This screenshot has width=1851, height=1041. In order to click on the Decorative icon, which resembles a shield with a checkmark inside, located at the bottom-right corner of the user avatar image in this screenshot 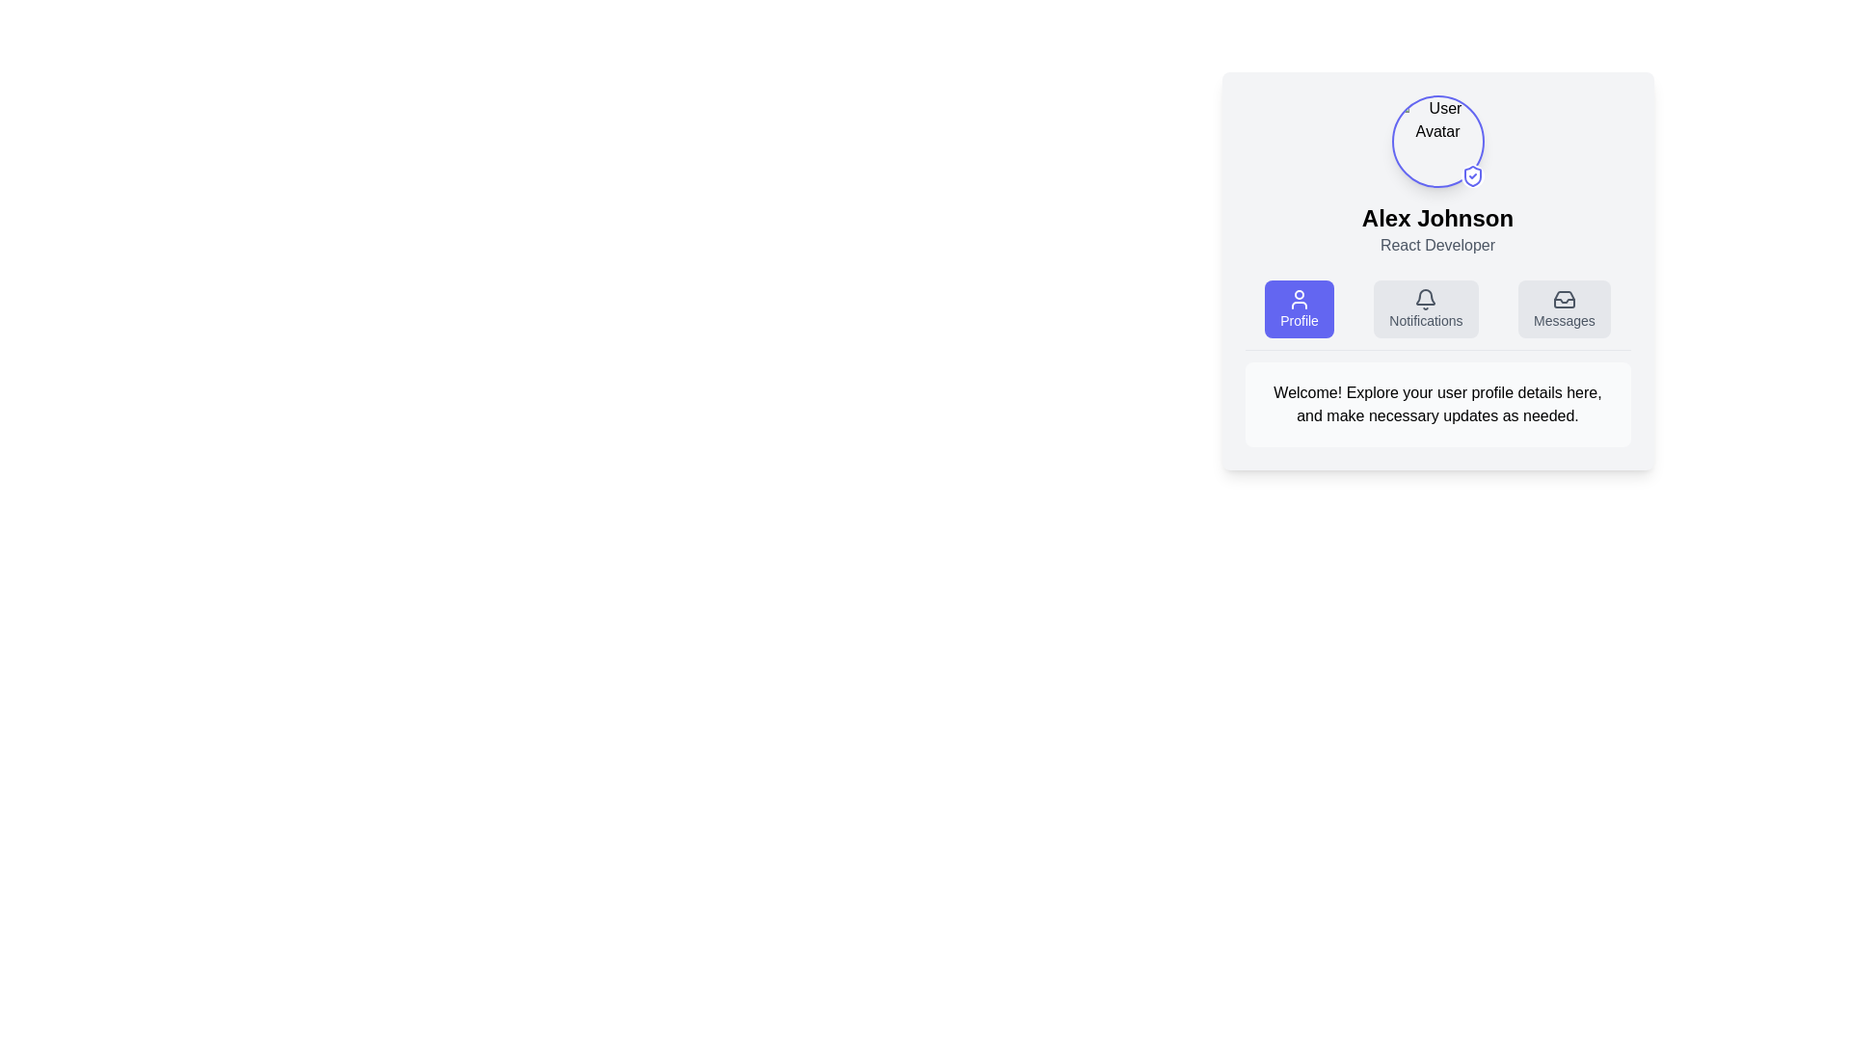, I will do `click(1471, 175)`.